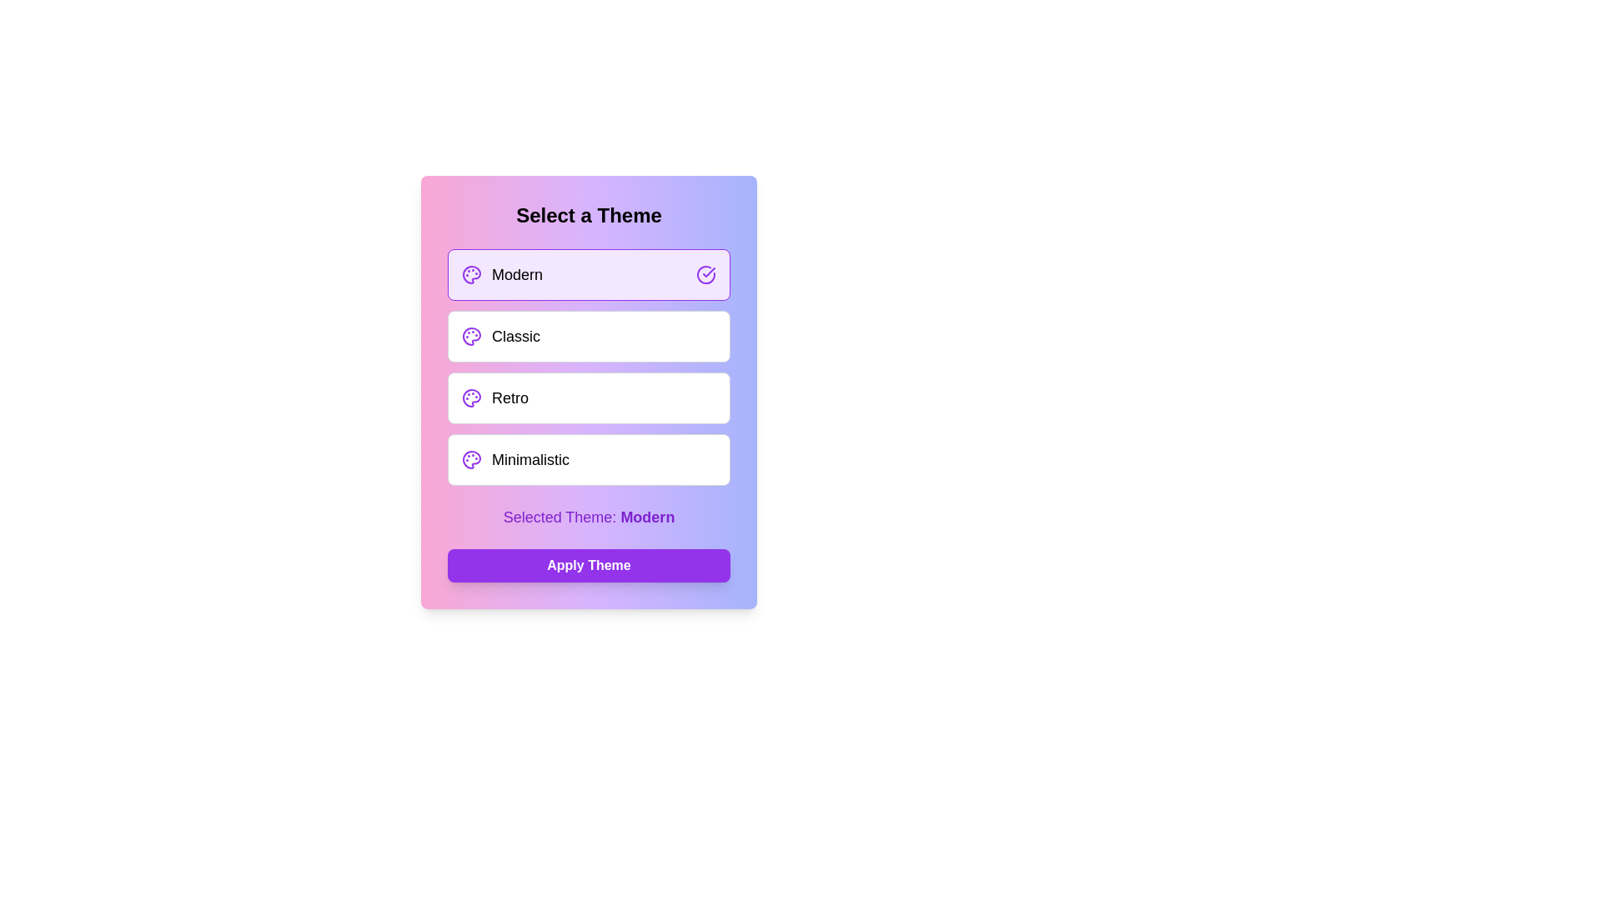 This screenshot has height=900, width=1601. Describe the element at coordinates (709, 272) in the screenshot. I see `the checkmark line within the SVG graphic that indicates a selection for the 'Modern' theme option` at that location.